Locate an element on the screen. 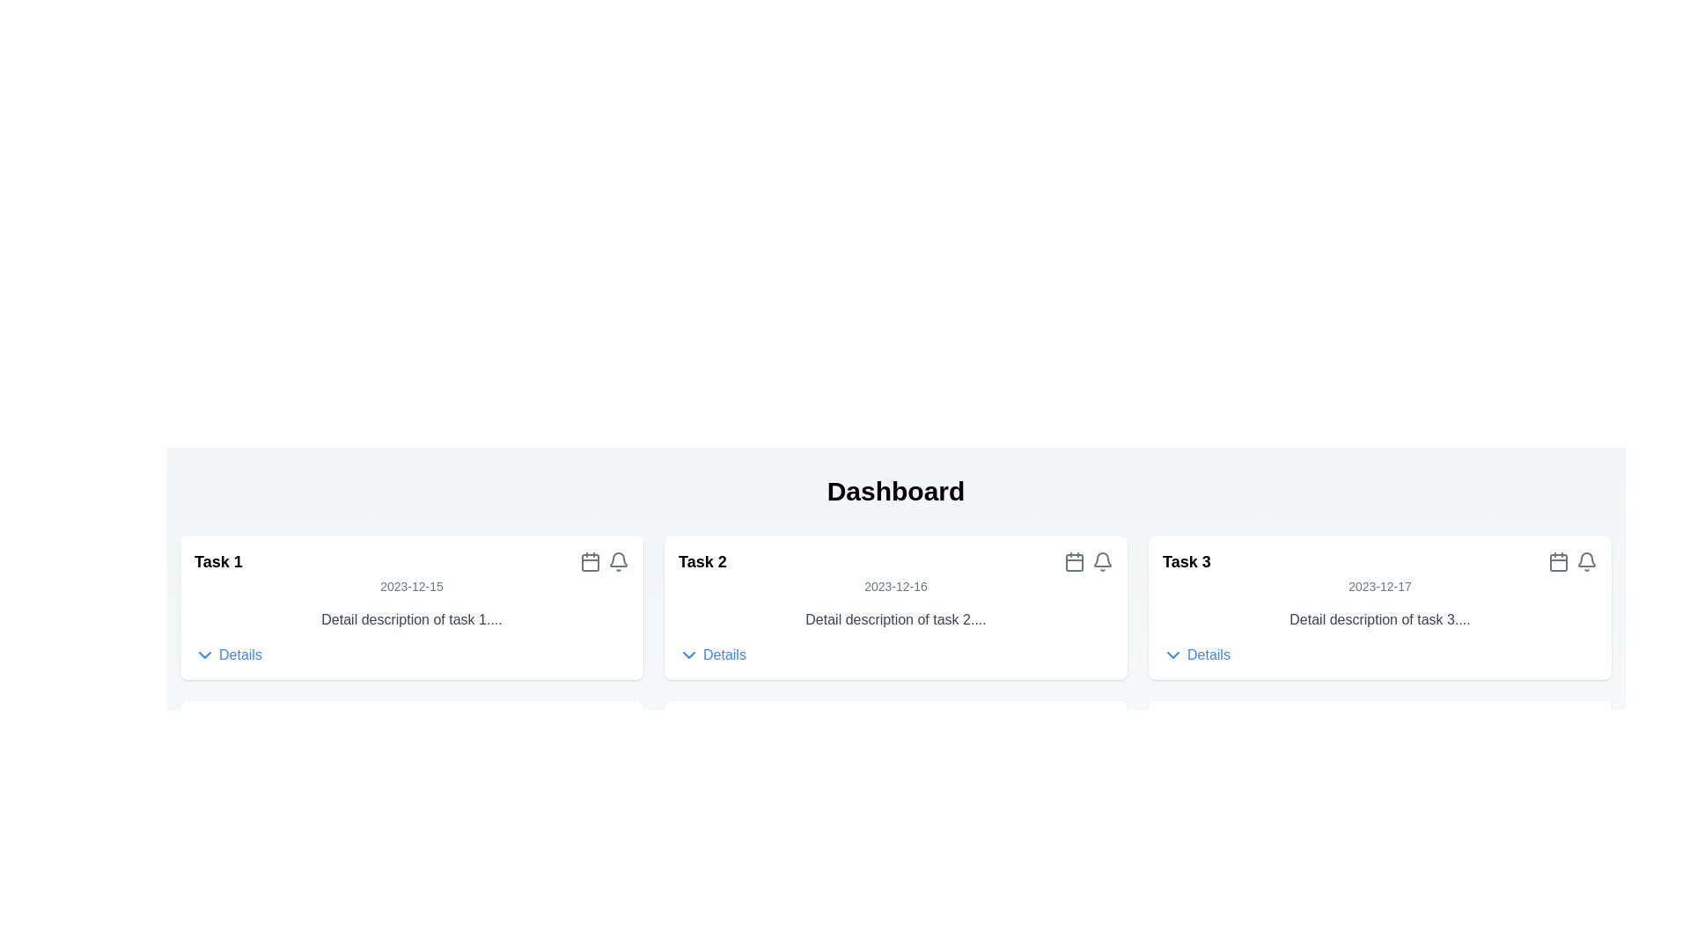 The height and width of the screenshot is (950, 1690). the bell icon in the icon group located in the upper-right corner of the card for 'Task 2' is located at coordinates (1088, 562).